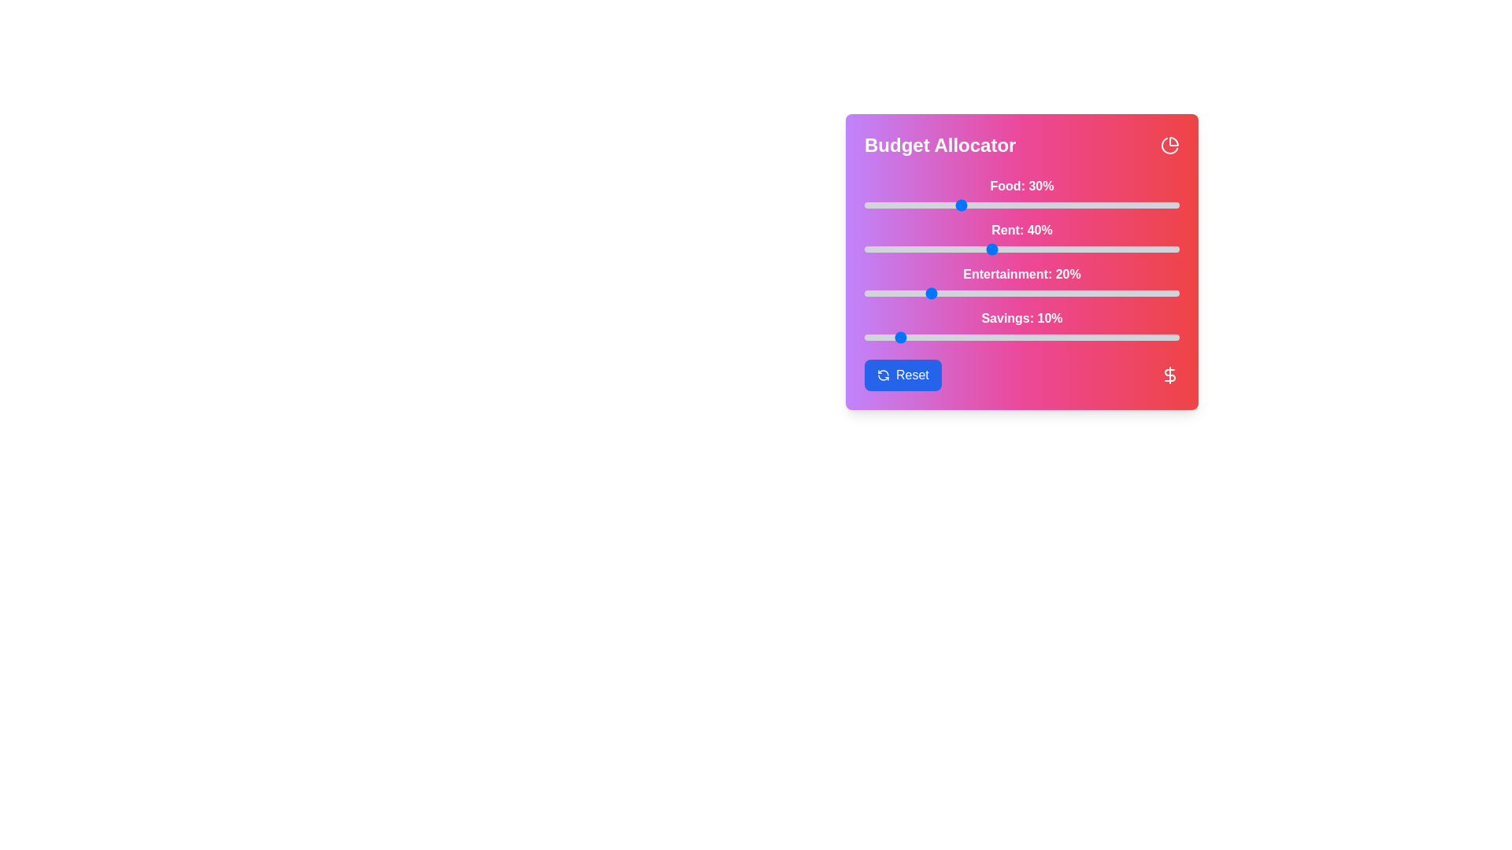  I want to click on the savings percentage, so click(1170, 336).